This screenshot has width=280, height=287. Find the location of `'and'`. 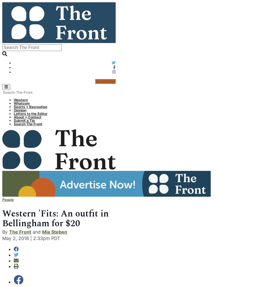

'and' is located at coordinates (31, 232).